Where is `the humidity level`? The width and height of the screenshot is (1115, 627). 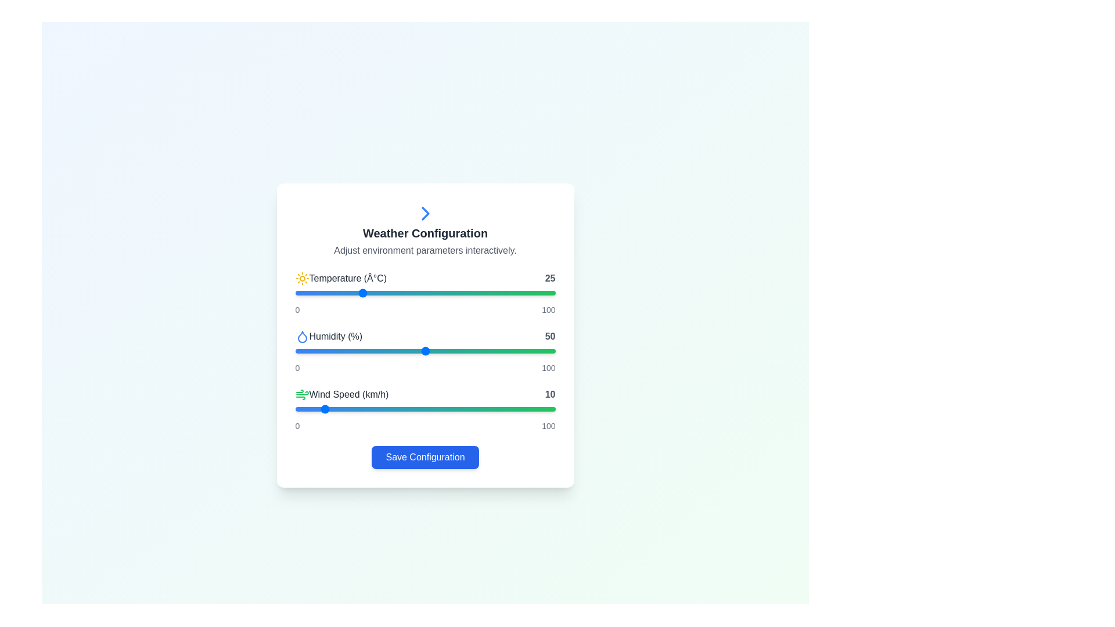 the humidity level is located at coordinates (370, 351).